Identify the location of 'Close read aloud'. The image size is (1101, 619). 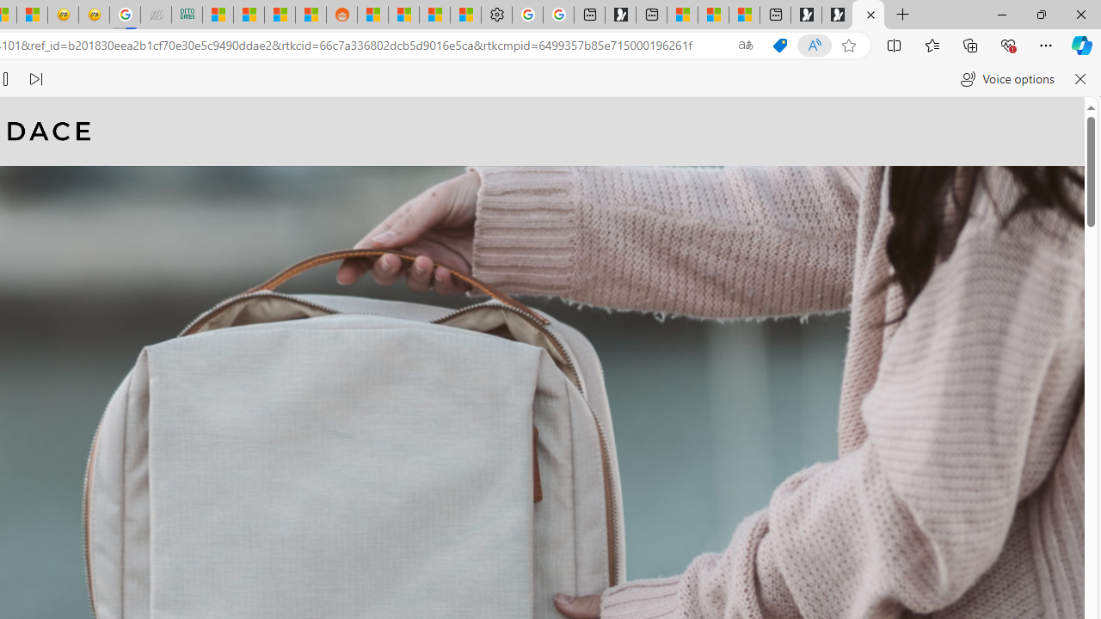
(1079, 79).